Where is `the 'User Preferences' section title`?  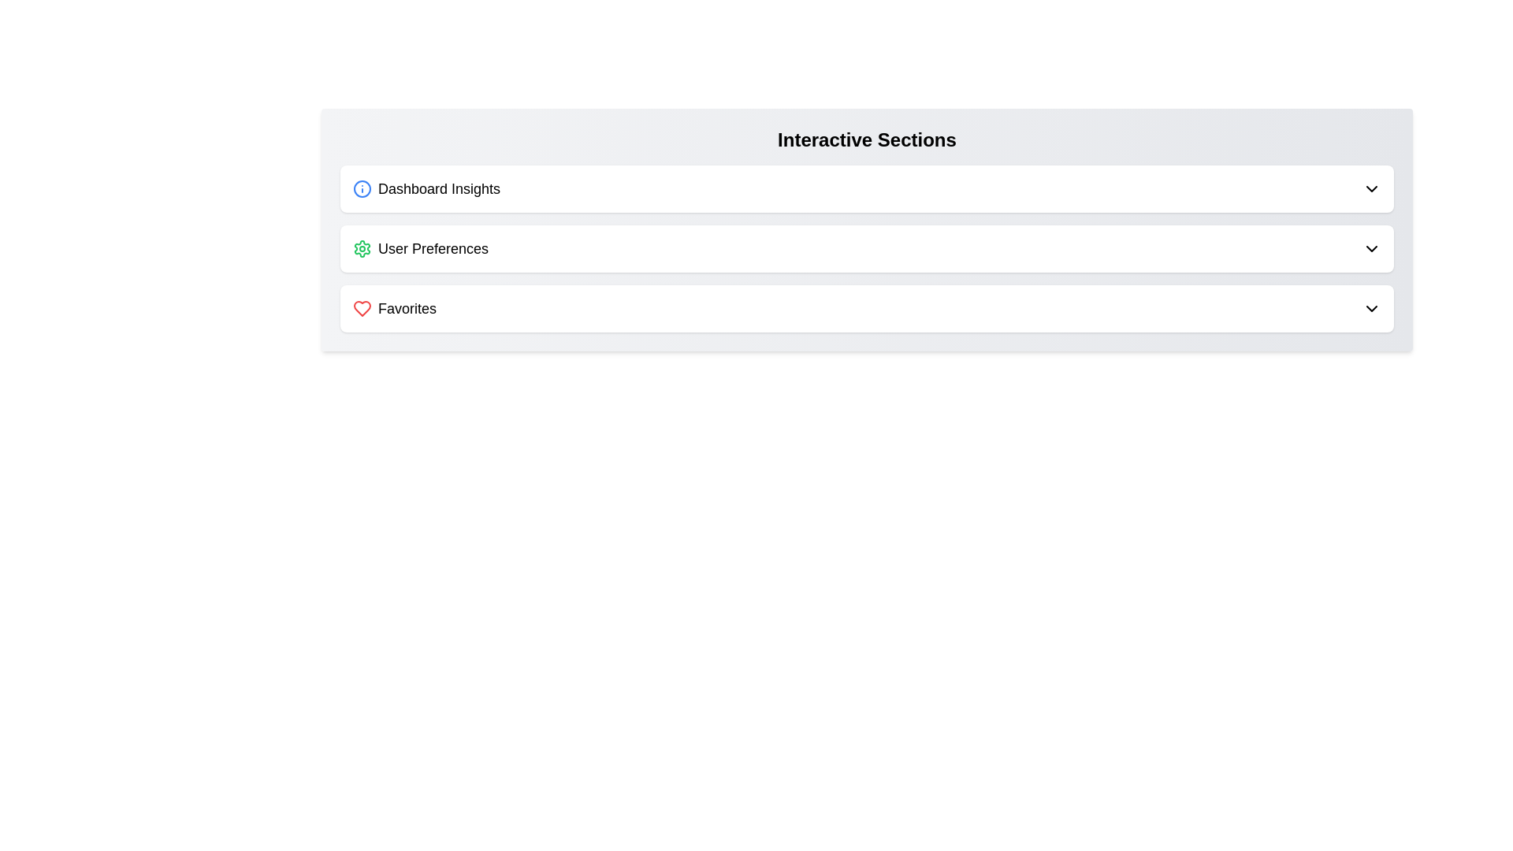 the 'User Preferences' section title is located at coordinates (420, 248).